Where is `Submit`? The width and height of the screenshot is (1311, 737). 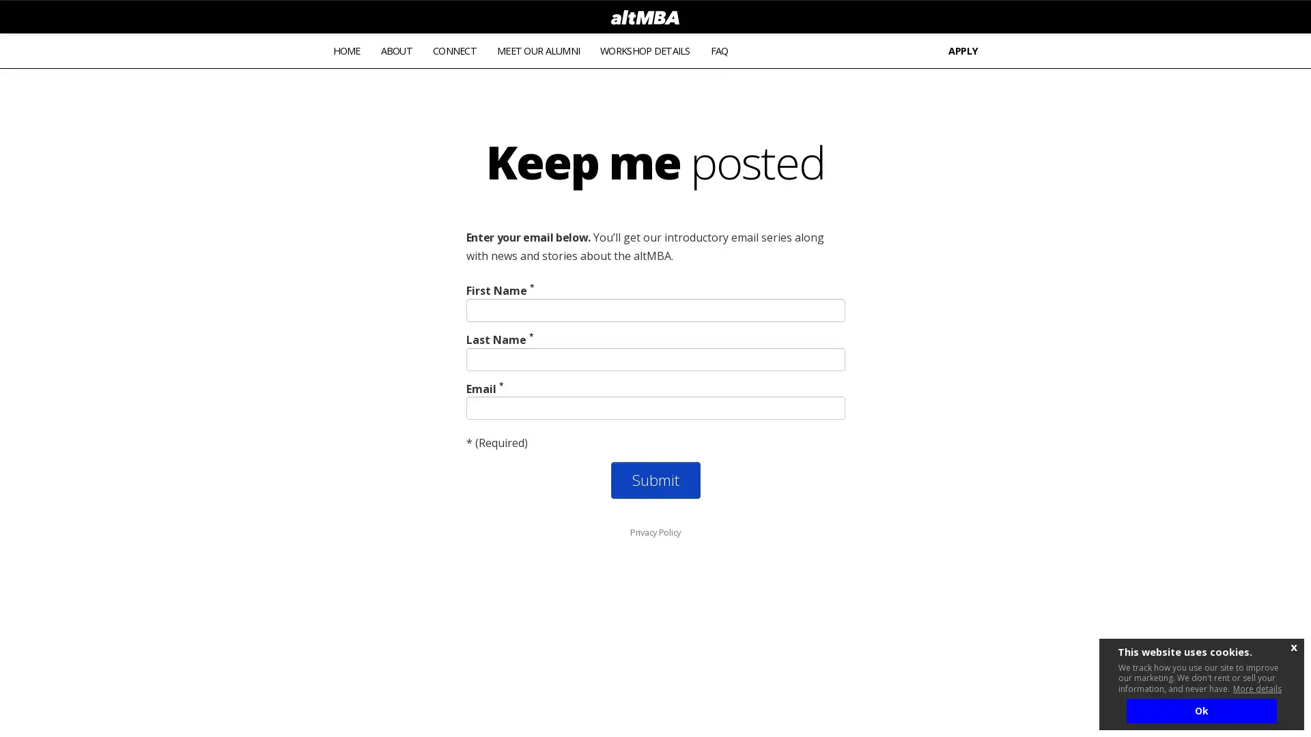
Submit is located at coordinates (654, 480).